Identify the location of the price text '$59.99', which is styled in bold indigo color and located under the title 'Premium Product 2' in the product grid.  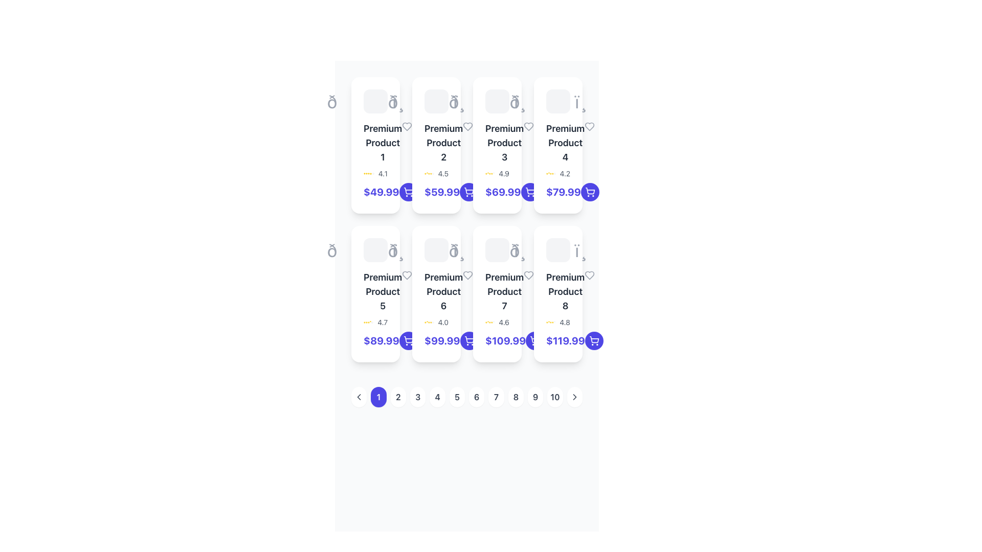
(436, 192).